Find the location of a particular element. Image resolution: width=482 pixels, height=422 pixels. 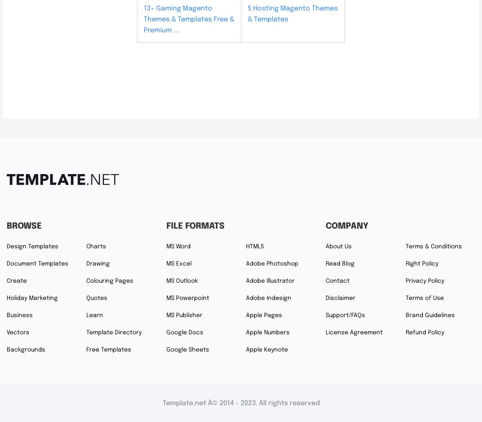

'Adobe Photoshop' is located at coordinates (272, 263).